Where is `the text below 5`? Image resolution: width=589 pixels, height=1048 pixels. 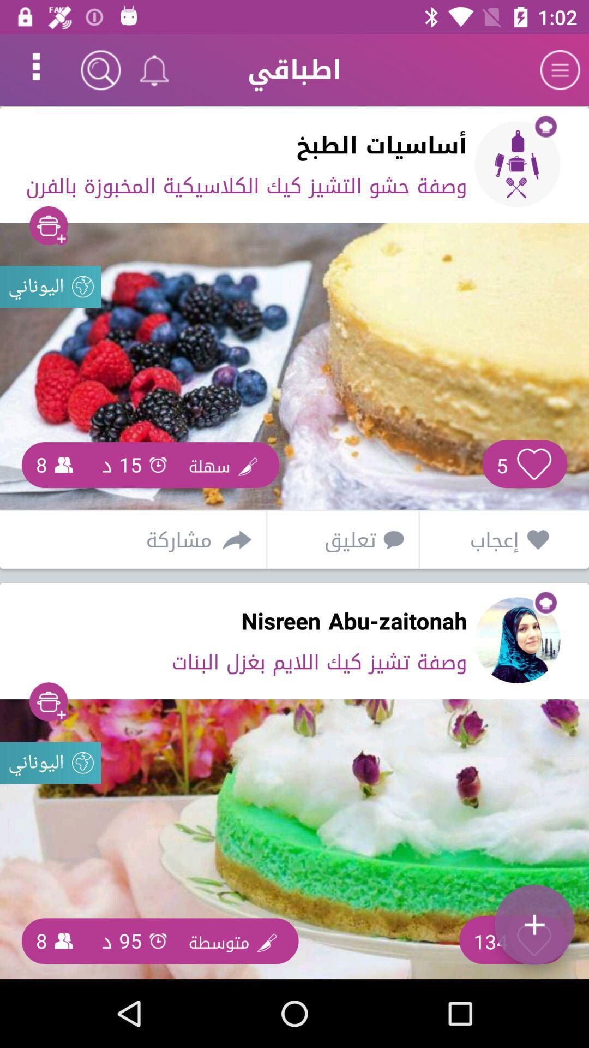 the text below 5 is located at coordinates (484, 540).